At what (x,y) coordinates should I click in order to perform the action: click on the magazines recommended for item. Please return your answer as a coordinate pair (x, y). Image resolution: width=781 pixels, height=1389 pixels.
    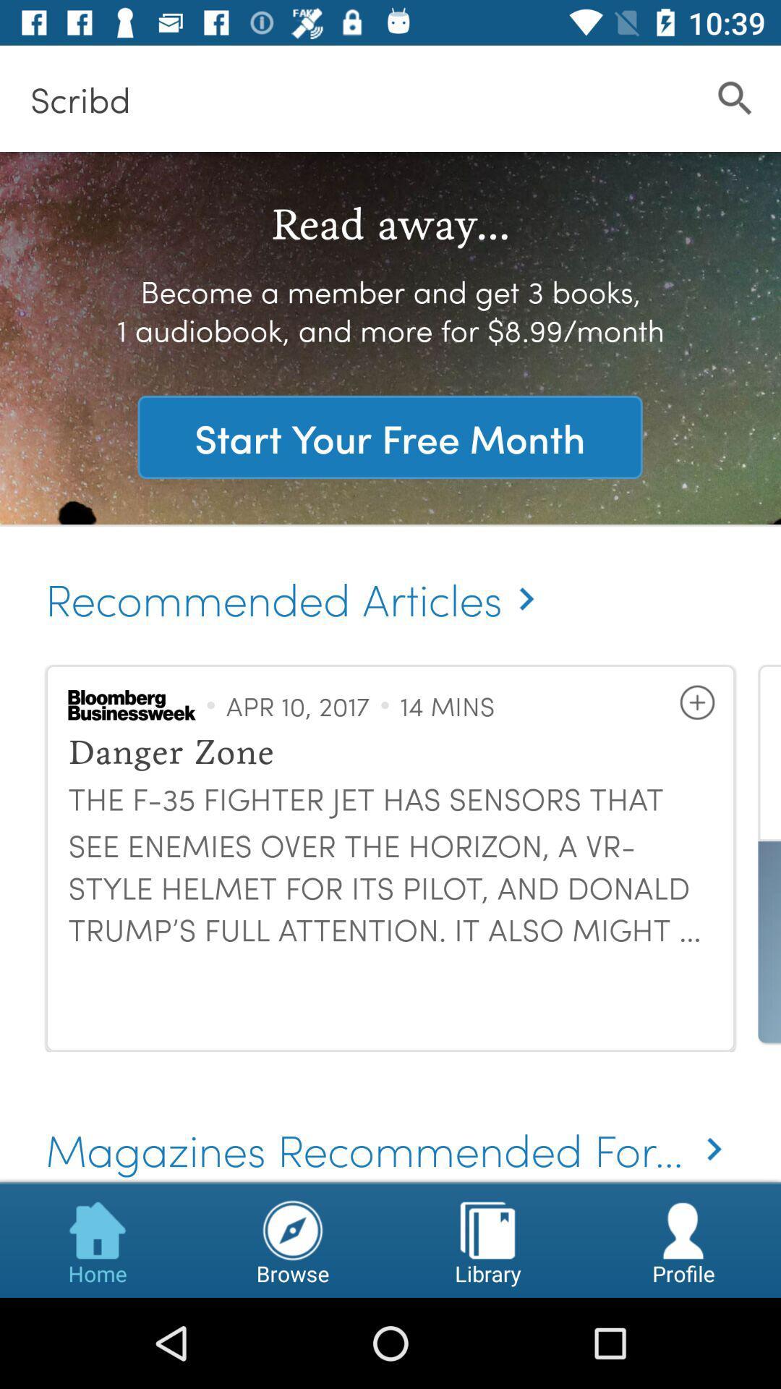
    Looking at the image, I should click on (390, 1129).